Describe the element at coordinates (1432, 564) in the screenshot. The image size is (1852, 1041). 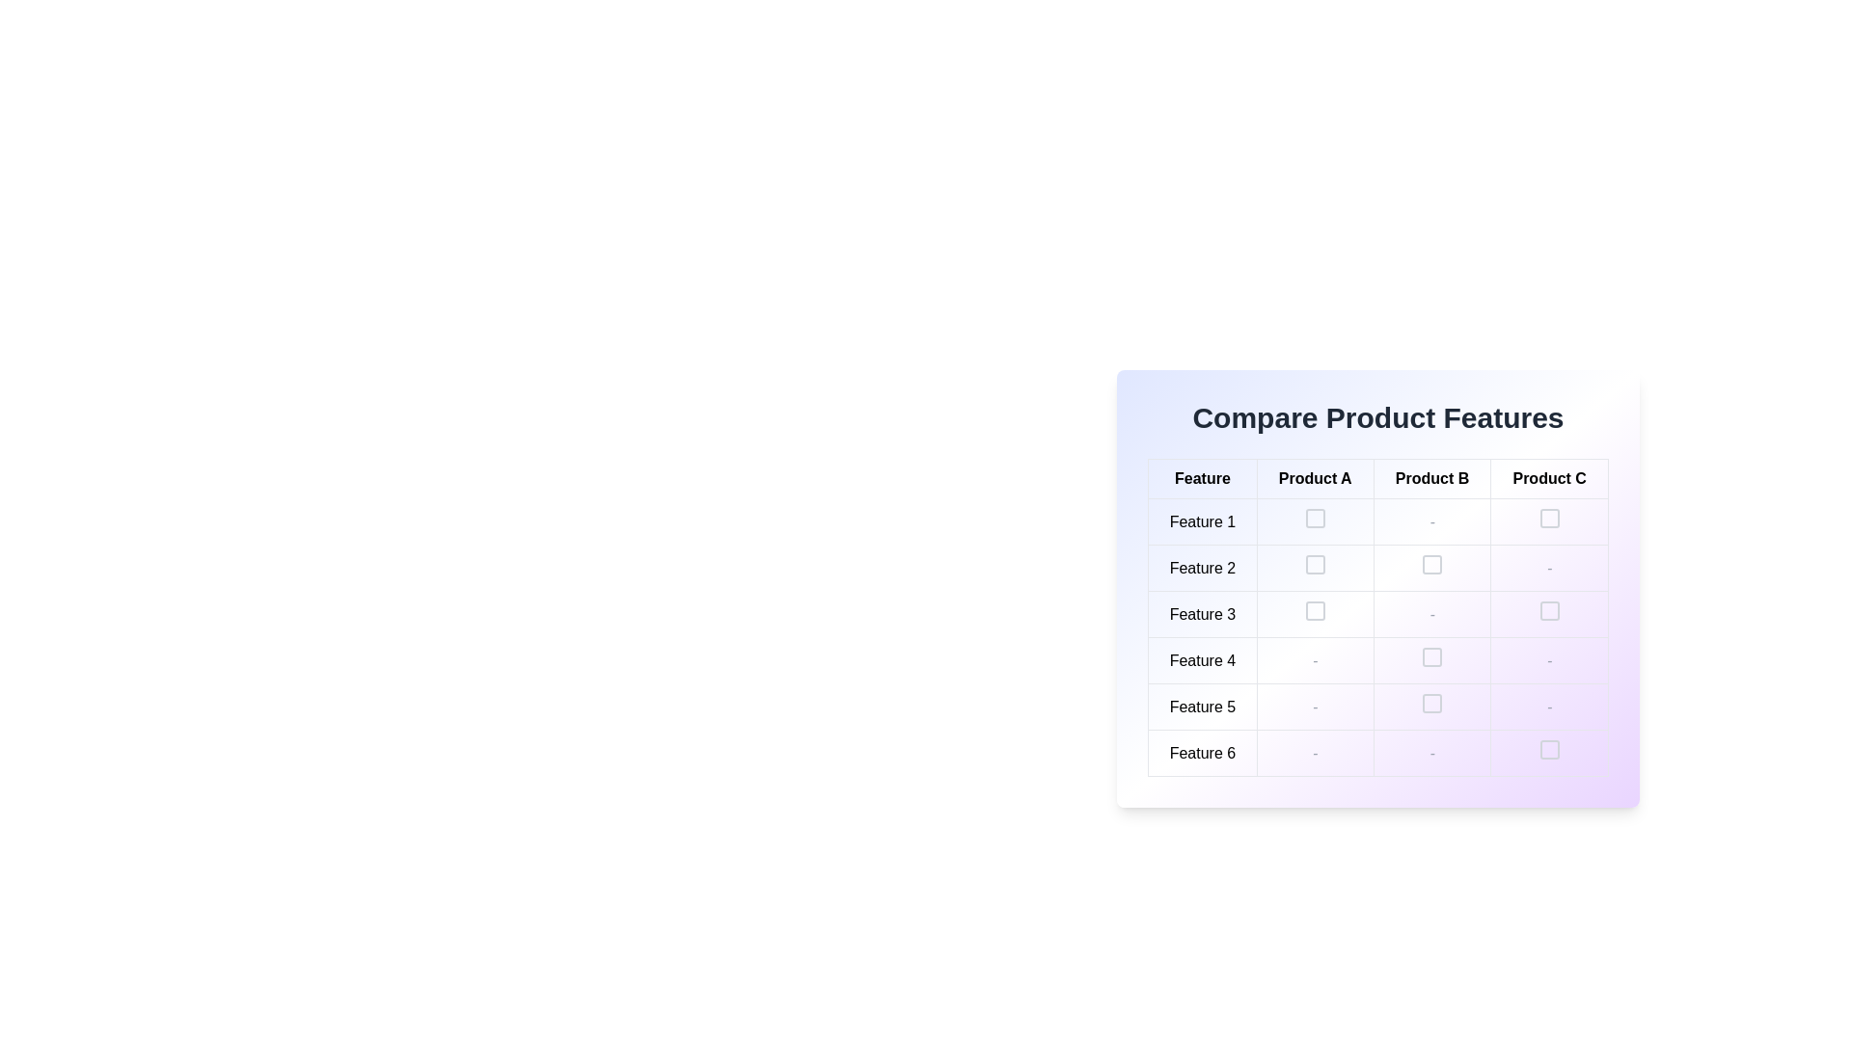
I see `the non-functional checkbox located in the second row and third column of the comparison table under 'Product B'` at that location.